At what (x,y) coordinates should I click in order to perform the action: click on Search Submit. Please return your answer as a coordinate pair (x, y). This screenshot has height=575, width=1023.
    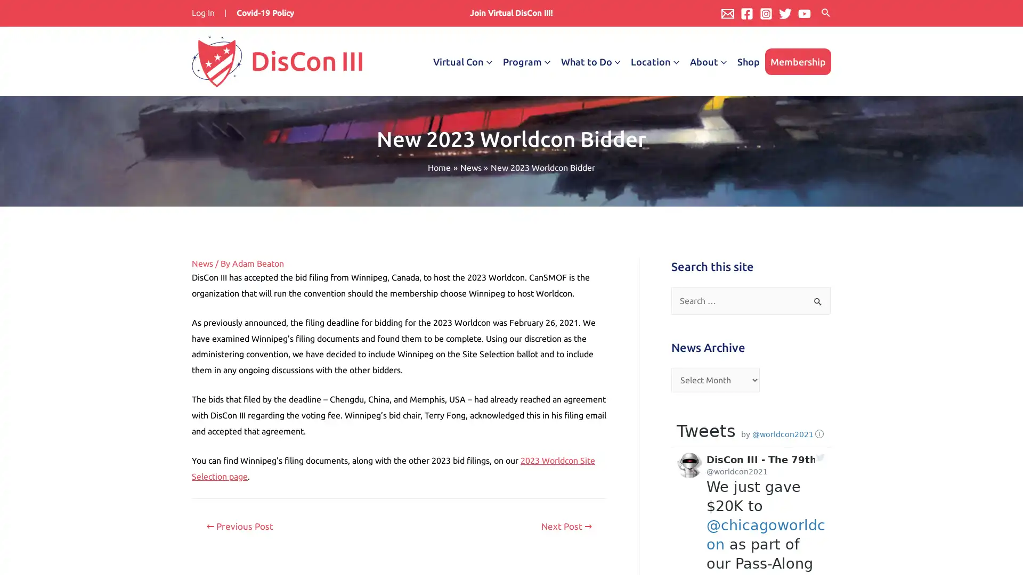
    Looking at the image, I should click on (817, 301).